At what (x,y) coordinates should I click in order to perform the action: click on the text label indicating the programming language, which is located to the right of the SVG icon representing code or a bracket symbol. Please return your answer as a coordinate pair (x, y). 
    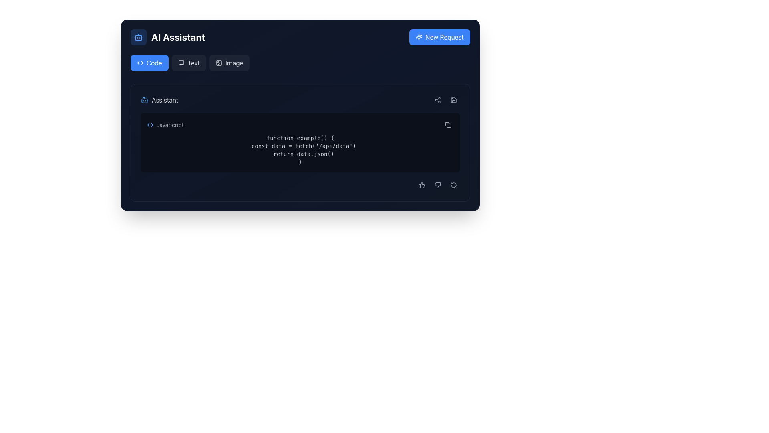
    Looking at the image, I should click on (169, 125).